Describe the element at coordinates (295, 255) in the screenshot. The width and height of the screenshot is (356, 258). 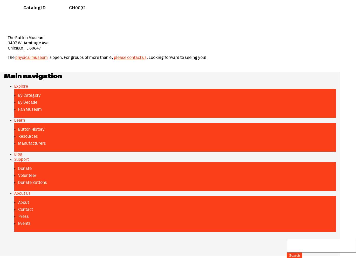
I see `'Search'` at that location.